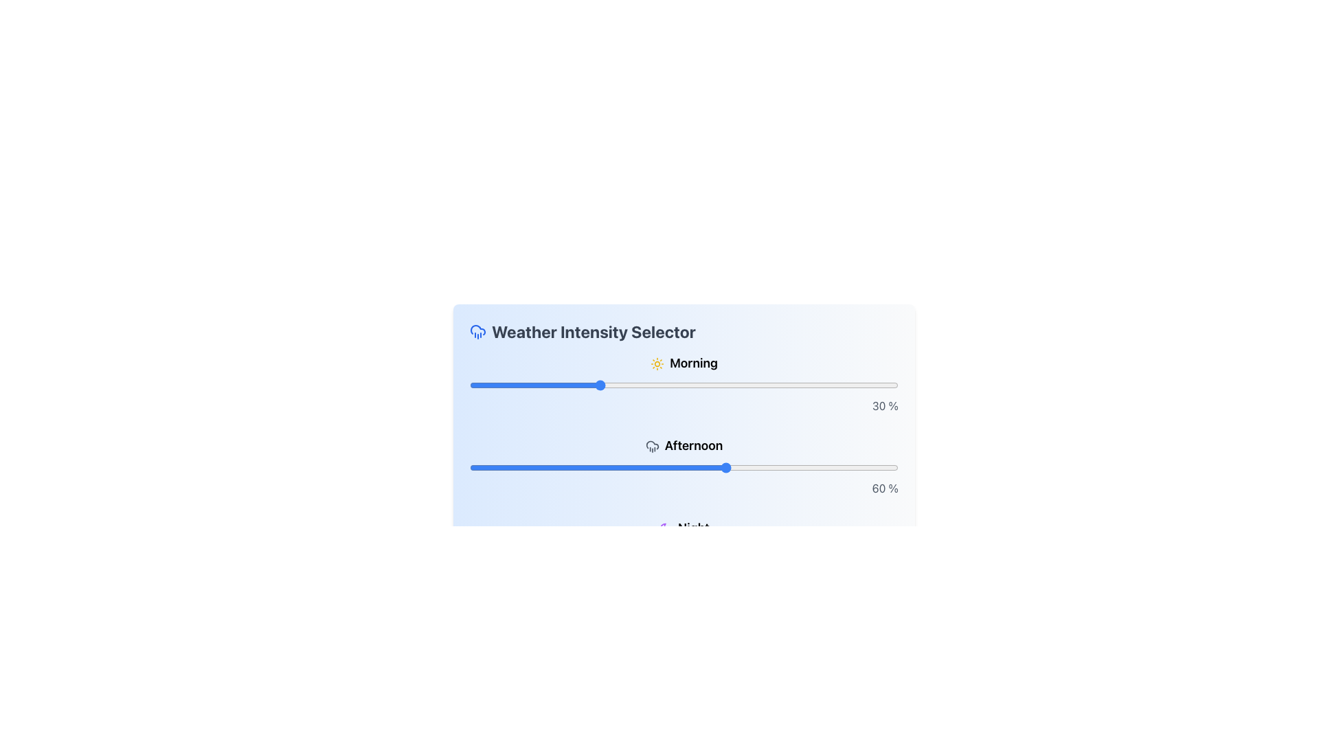 The width and height of the screenshot is (1319, 742). I want to click on value displayed in the right-aligned text label showing '60 %' located below the slider in the 'Afternoon' section, so click(684, 487).